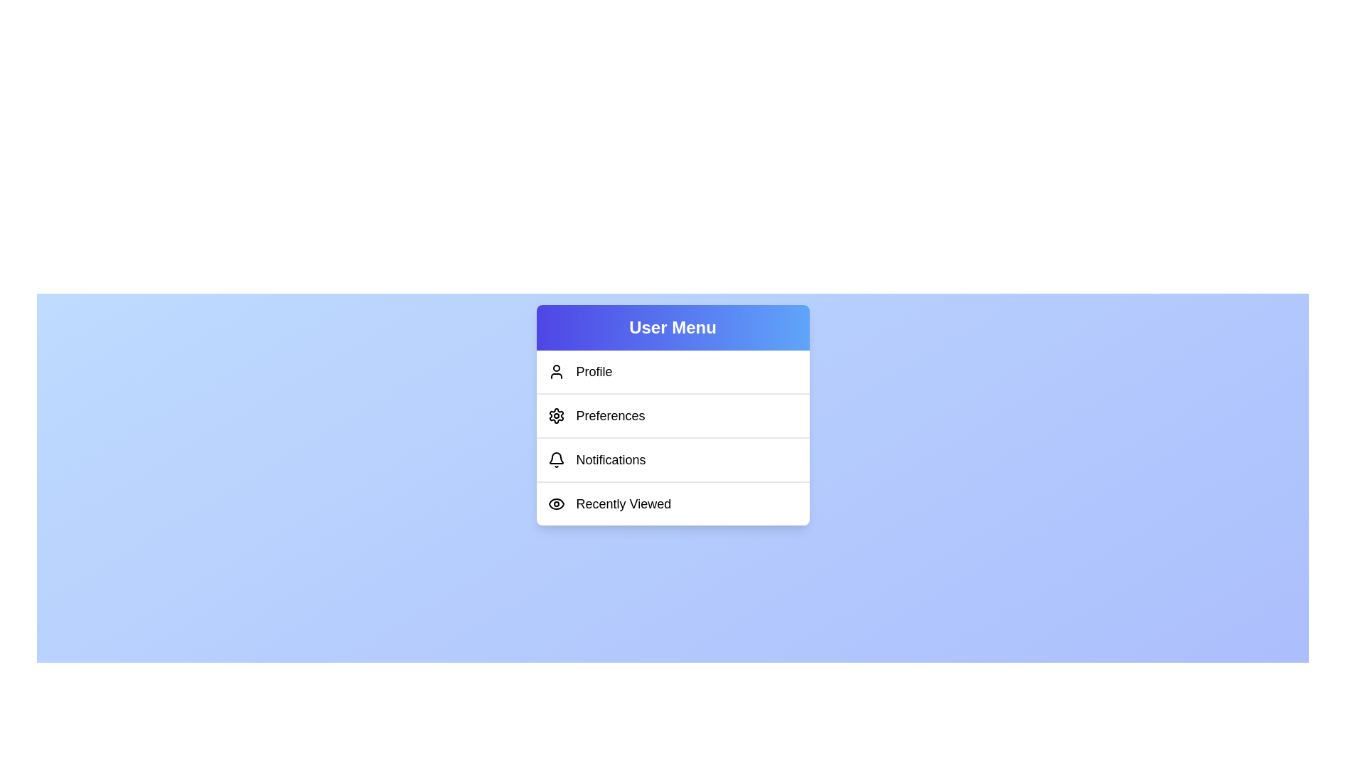 Image resolution: width=1365 pixels, height=768 pixels. Describe the element at coordinates (672, 415) in the screenshot. I see `the menu item labeled Preferences` at that location.